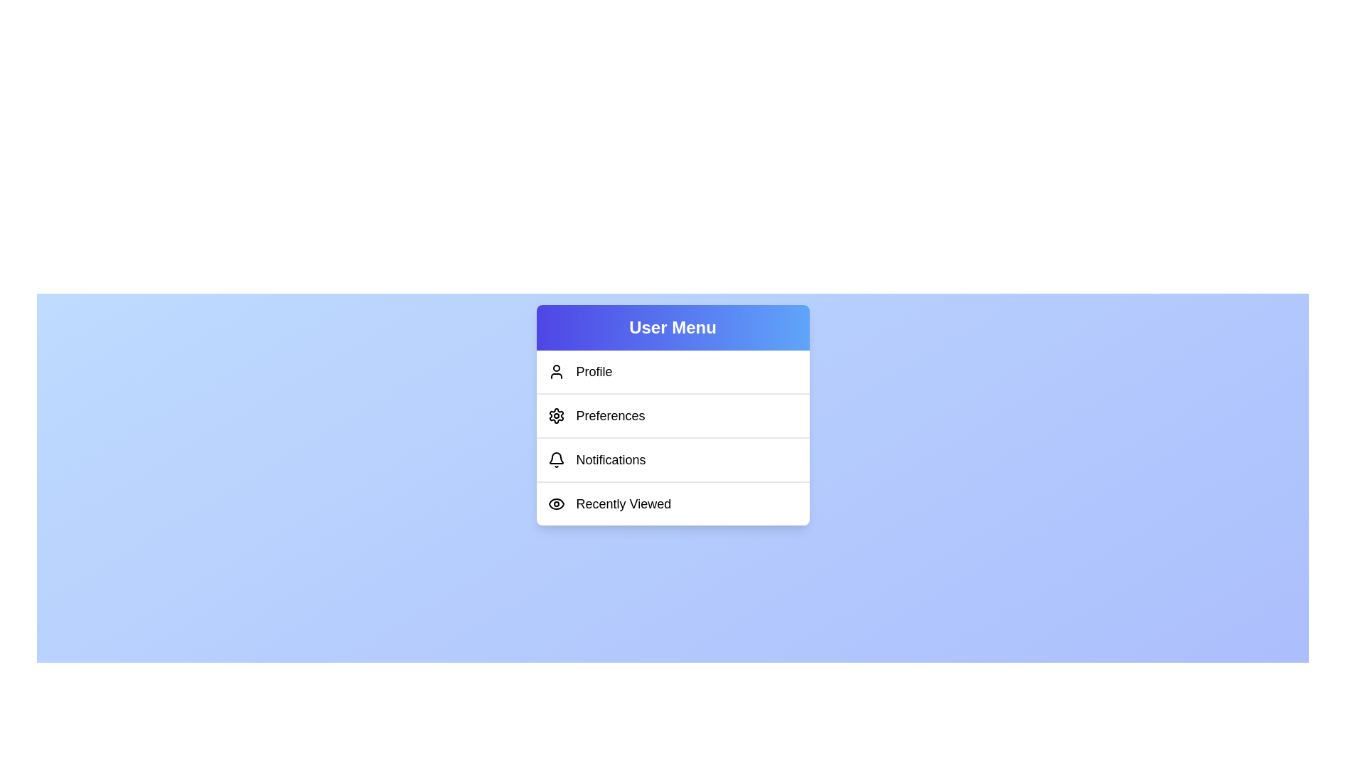 Image resolution: width=1365 pixels, height=768 pixels. Describe the element at coordinates (672, 415) in the screenshot. I see `the menu item labeled Preferences` at that location.